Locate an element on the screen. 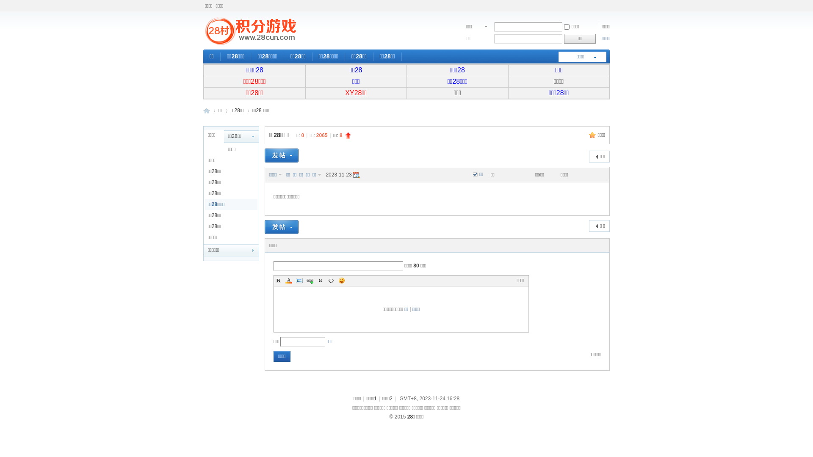  'B' is located at coordinates (278, 281).